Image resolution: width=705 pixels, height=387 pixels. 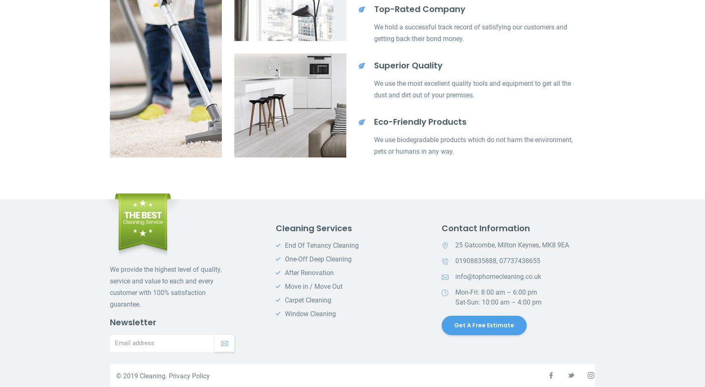 I want to click on 'We provide the highest level of quality, service and value to each and every customer with 100% satisfaction guarantee.', so click(x=165, y=286).